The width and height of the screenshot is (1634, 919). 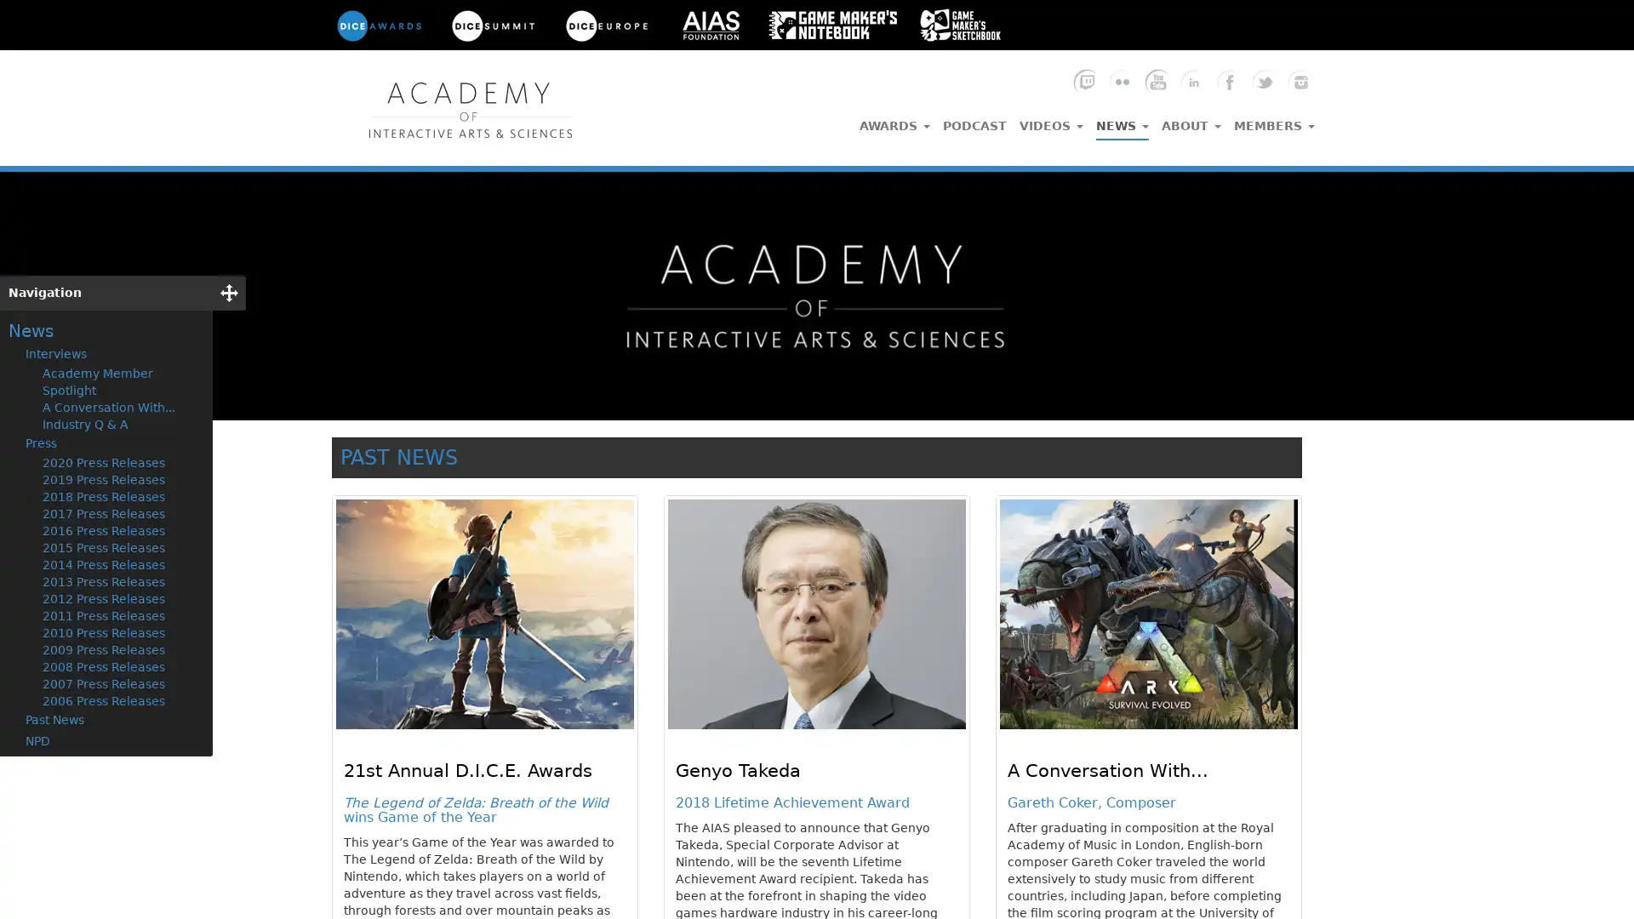 I want to click on ABOUT, so click(x=1191, y=120).